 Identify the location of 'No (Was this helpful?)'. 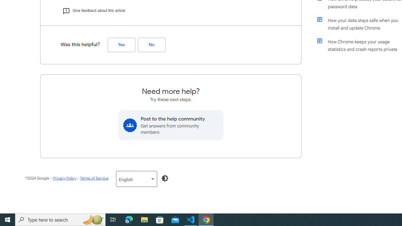
(151, 45).